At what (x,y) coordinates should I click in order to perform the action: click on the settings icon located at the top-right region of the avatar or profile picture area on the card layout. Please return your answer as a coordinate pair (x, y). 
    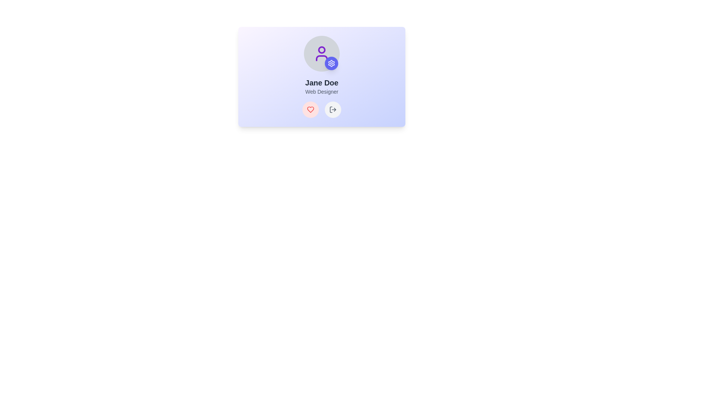
    Looking at the image, I should click on (331, 63).